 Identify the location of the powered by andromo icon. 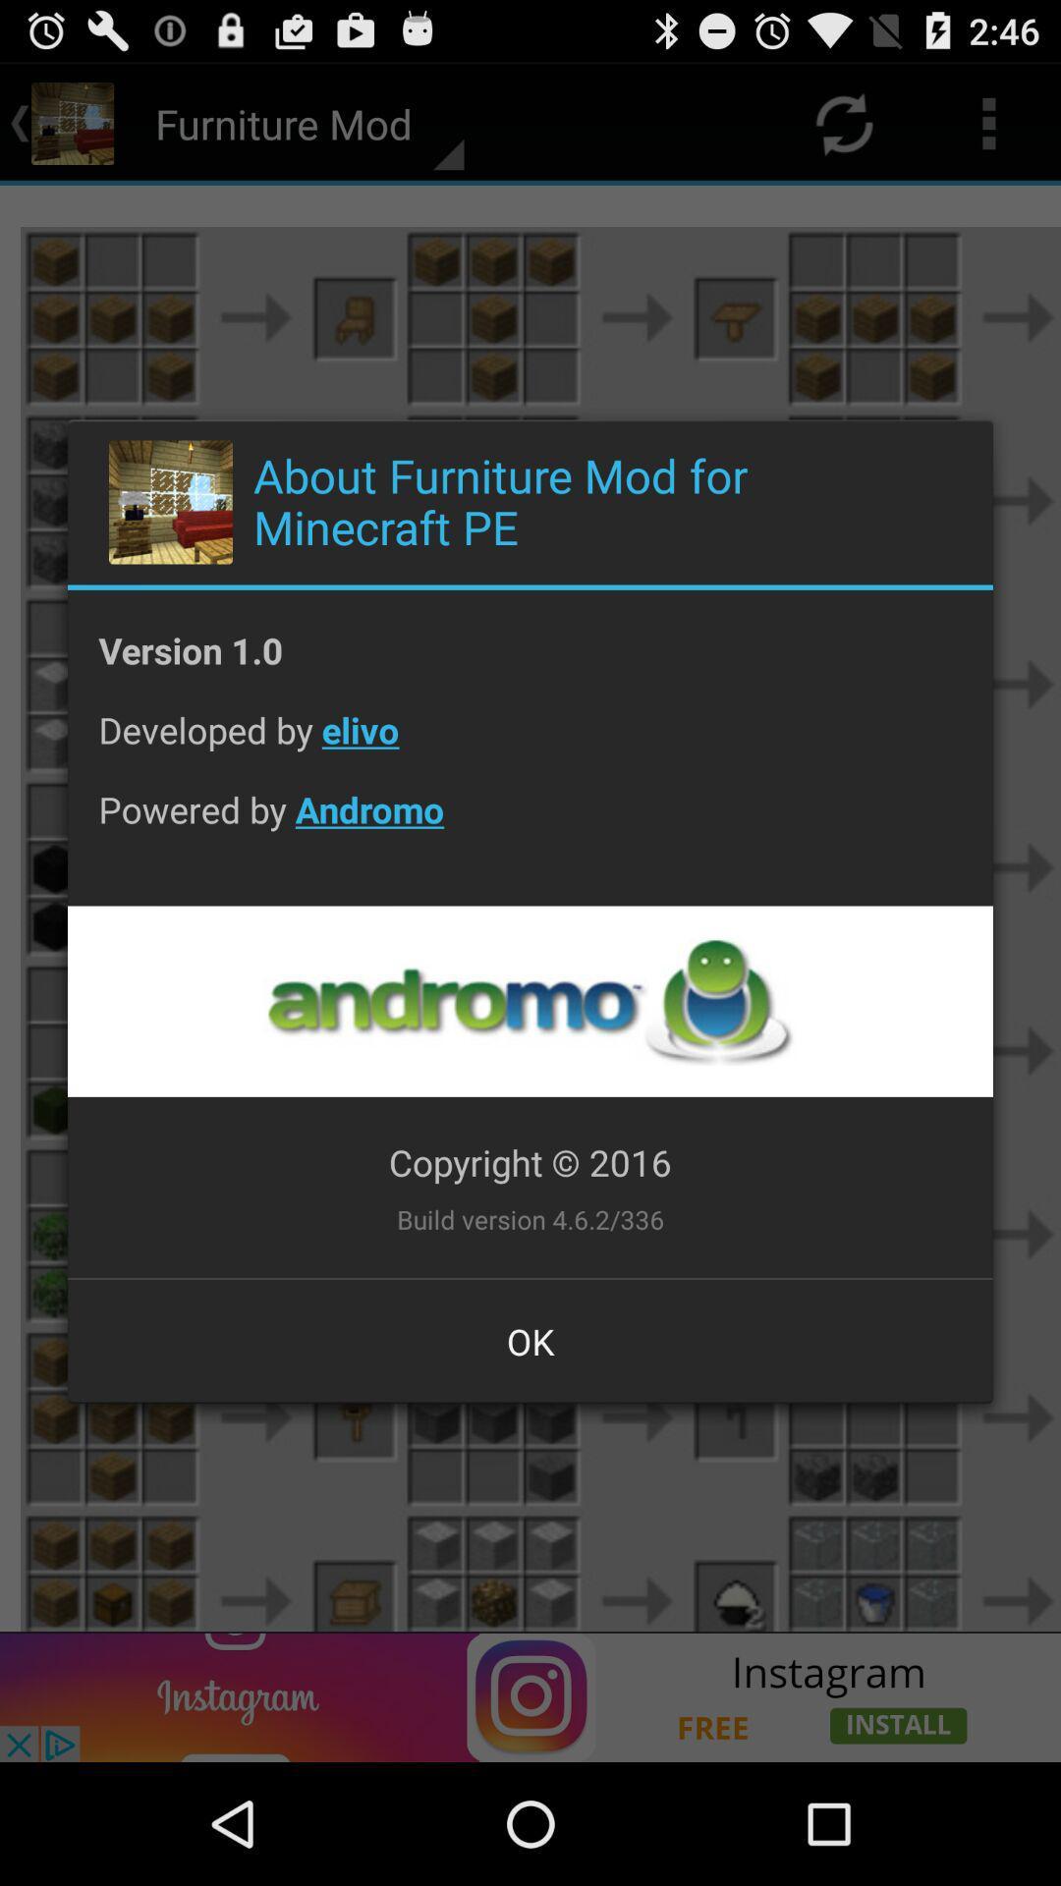
(530, 825).